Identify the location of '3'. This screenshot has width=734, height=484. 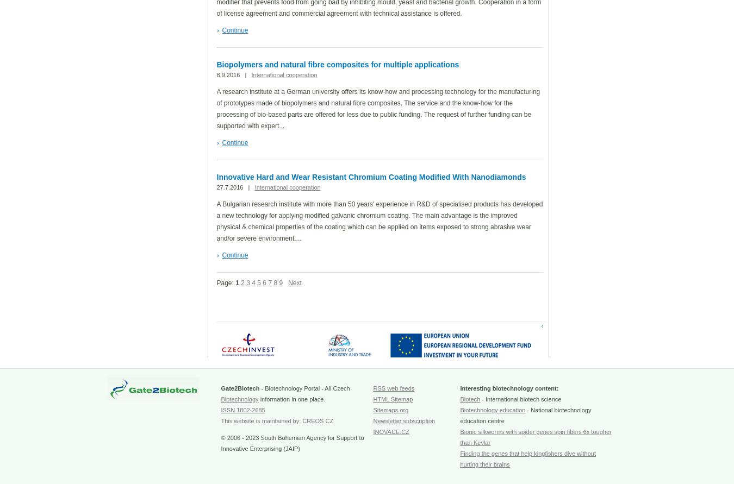
(246, 282).